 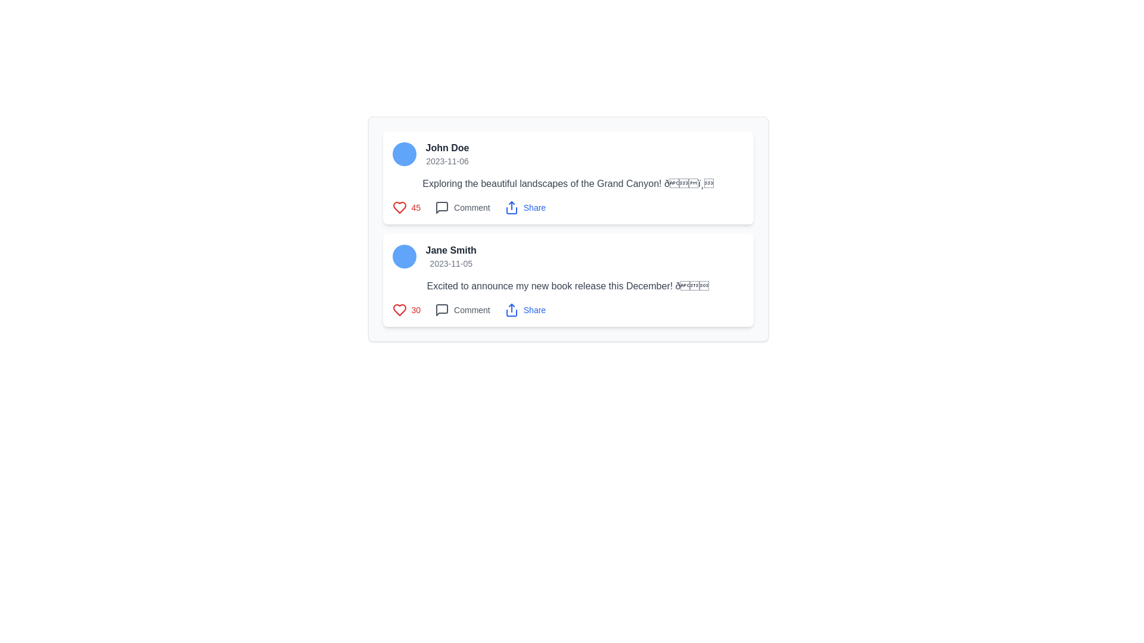 I want to click on the static text label displaying the word 'Share' styled in blue, which is positioned adjacent to a share symbol icon in the post's action bar, so click(x=534, y=207).